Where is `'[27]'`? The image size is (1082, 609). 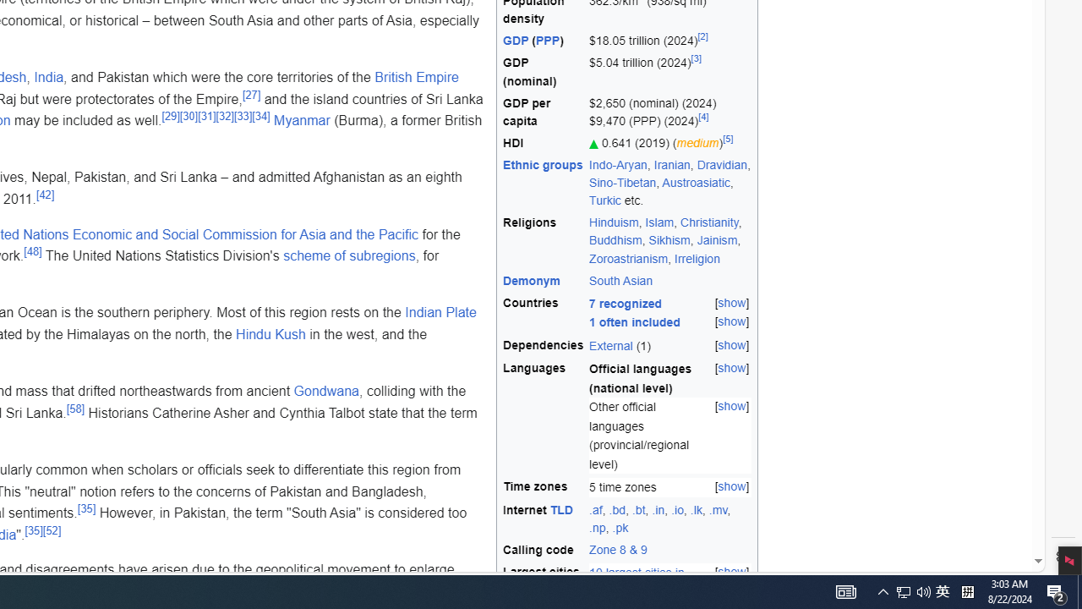
'[27]' is located at coordinates (249, 94).